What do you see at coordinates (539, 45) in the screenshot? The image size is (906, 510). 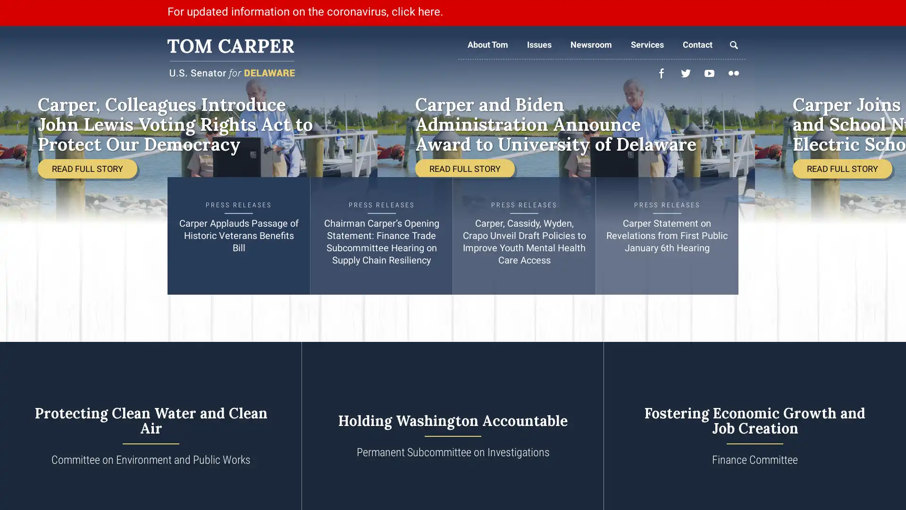 I see `Issues` at bounding box center [539, 45].